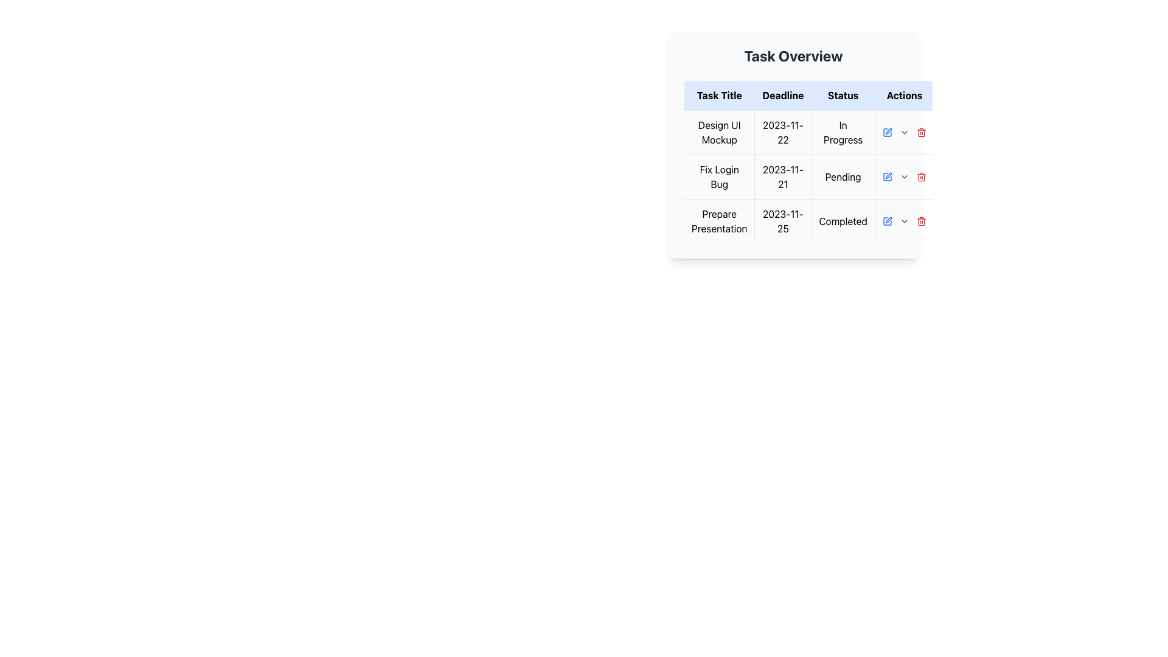 Image resolution: width=1168 pixels, height=657 pixels. I want to click on the interactive blue pen icon in the 'Actions' column of the 'Task Overview' table, specifically in the first row for the 'Design UI Mockup' task, so click(888, 133).